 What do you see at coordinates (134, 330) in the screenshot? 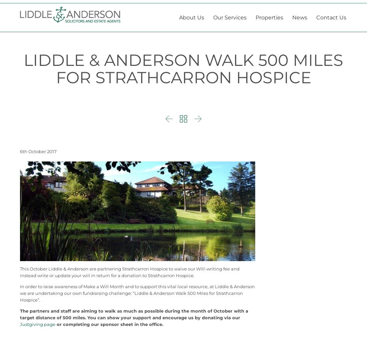
I see `'The partners and staff are aiming to walk as much as possible during the month of October with a target distance of 500 miles. You can show your support and encourage us by donating via our'` at bounding box center [134, 330].